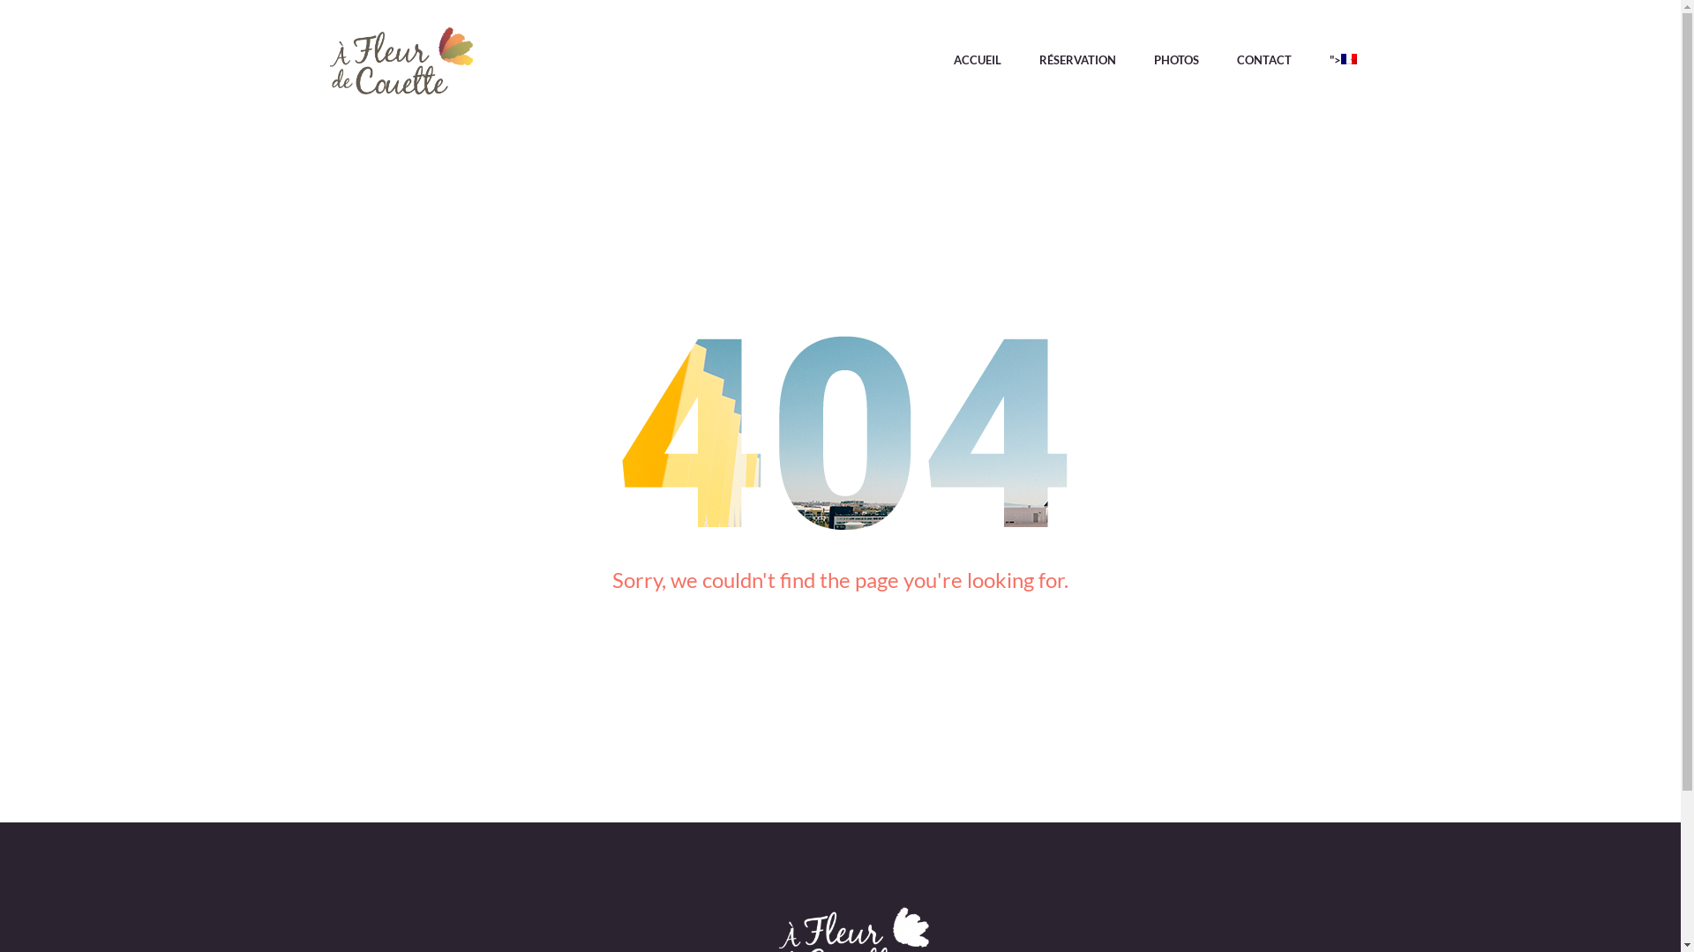 Image resolution: width=1694 pixels, height=952 pixels. I want to click on 'afleurdecouette - ', so click(401, 63).